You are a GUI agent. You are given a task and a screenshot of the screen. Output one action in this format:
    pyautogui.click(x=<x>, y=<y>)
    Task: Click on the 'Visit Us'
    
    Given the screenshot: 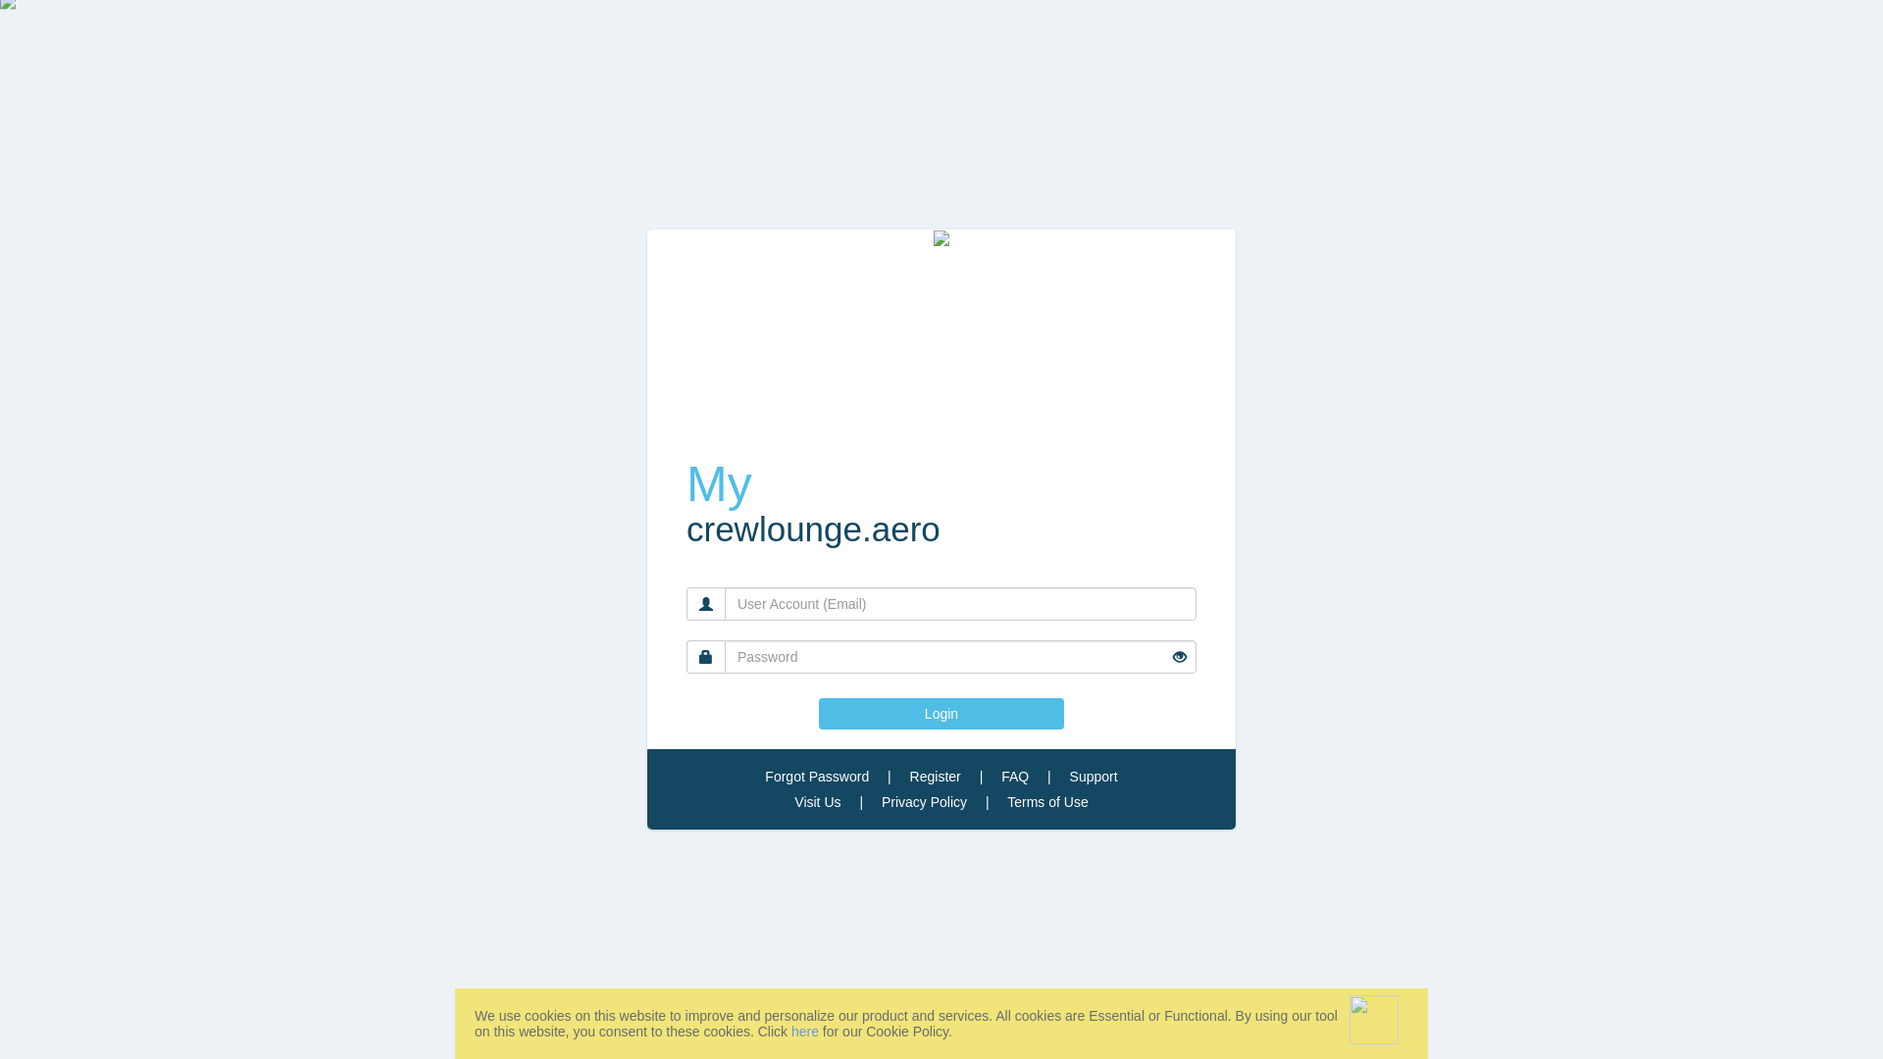 What is the action you would take?
    pyautogui.click(x=817, y=801)
    